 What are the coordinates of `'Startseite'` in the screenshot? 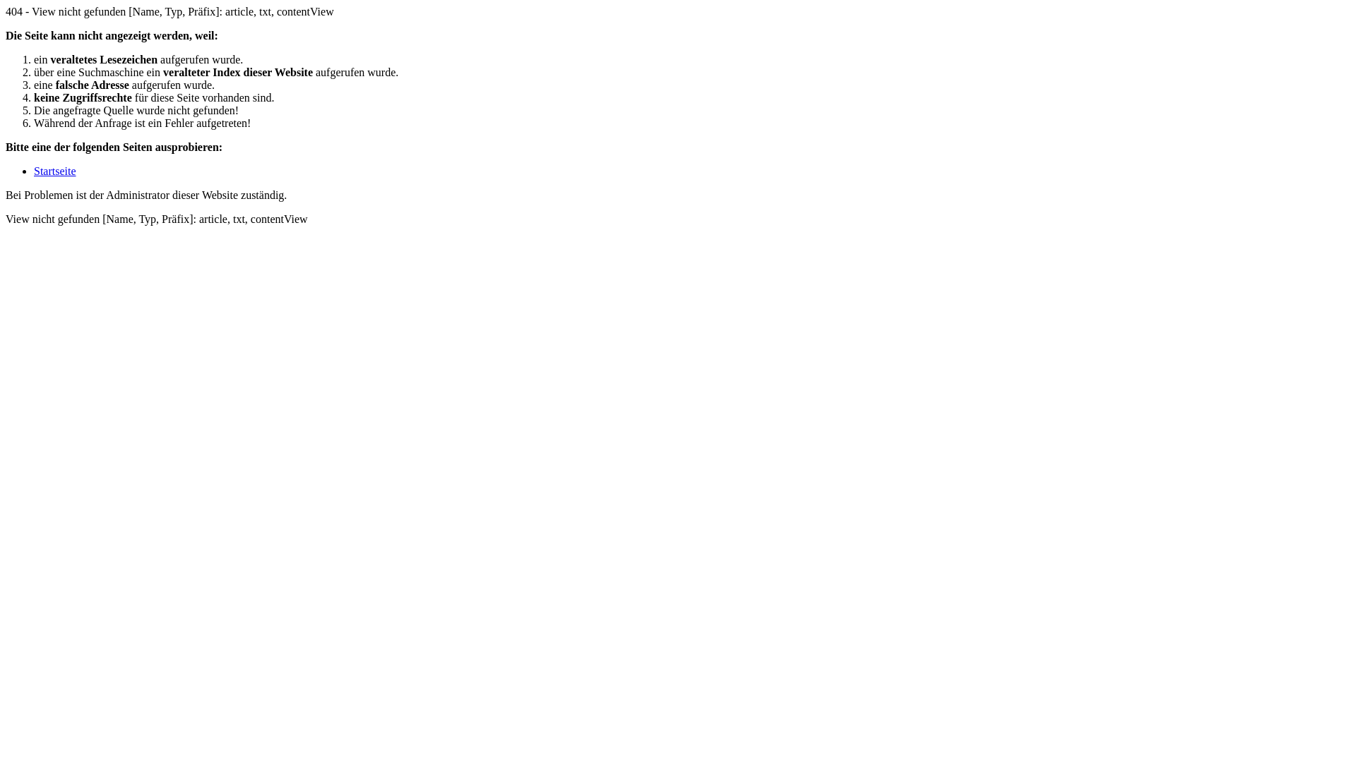 It's located at (54, 170).